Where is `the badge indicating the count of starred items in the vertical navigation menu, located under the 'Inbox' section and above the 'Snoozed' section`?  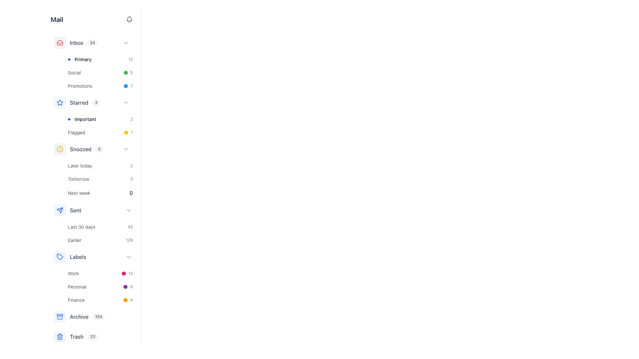
the badge indicating the count of starred items in the vertical navigation menu, located under the 'Inbox' section and above the 'Snoozed' section is located at coordinates (84, 102).